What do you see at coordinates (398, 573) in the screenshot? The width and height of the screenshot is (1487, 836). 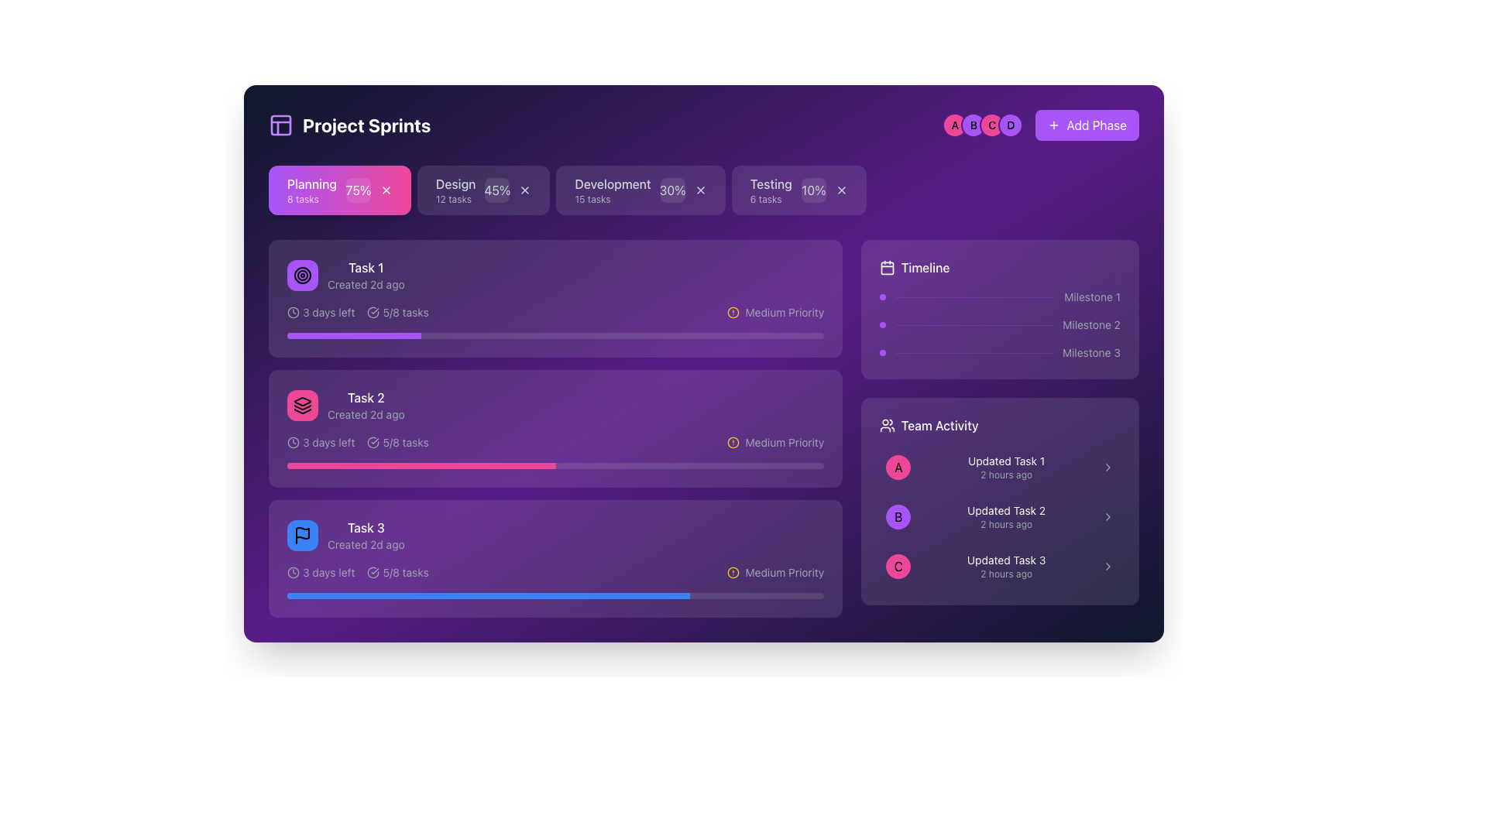 I see `the completion status text indicating '5/8 tasks' associated with 'Task 3' located in the lower right corner of the task card` at bounding box center [398, 573].